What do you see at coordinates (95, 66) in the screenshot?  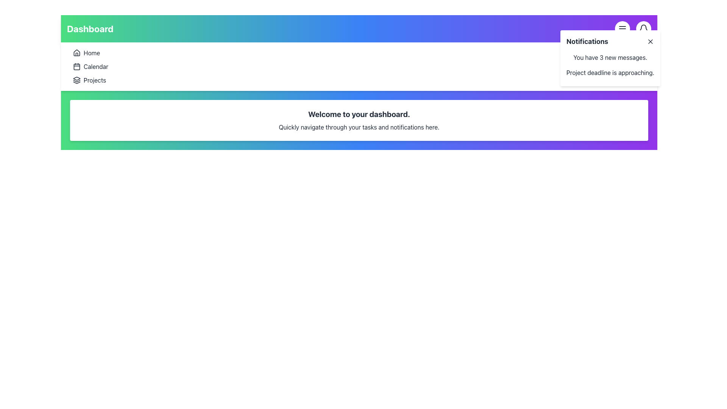 I see `the second navigation menu item labeled as 'Calendar'` at bounding box center [95, 66].